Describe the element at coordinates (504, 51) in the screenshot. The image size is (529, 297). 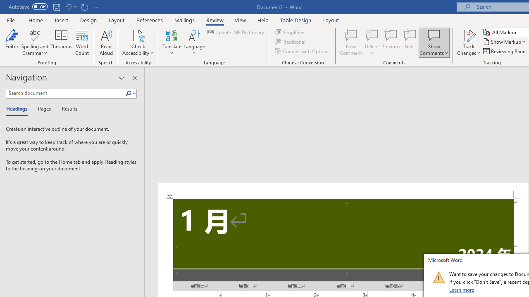
I see `'Reviewing Pane'` at that location.